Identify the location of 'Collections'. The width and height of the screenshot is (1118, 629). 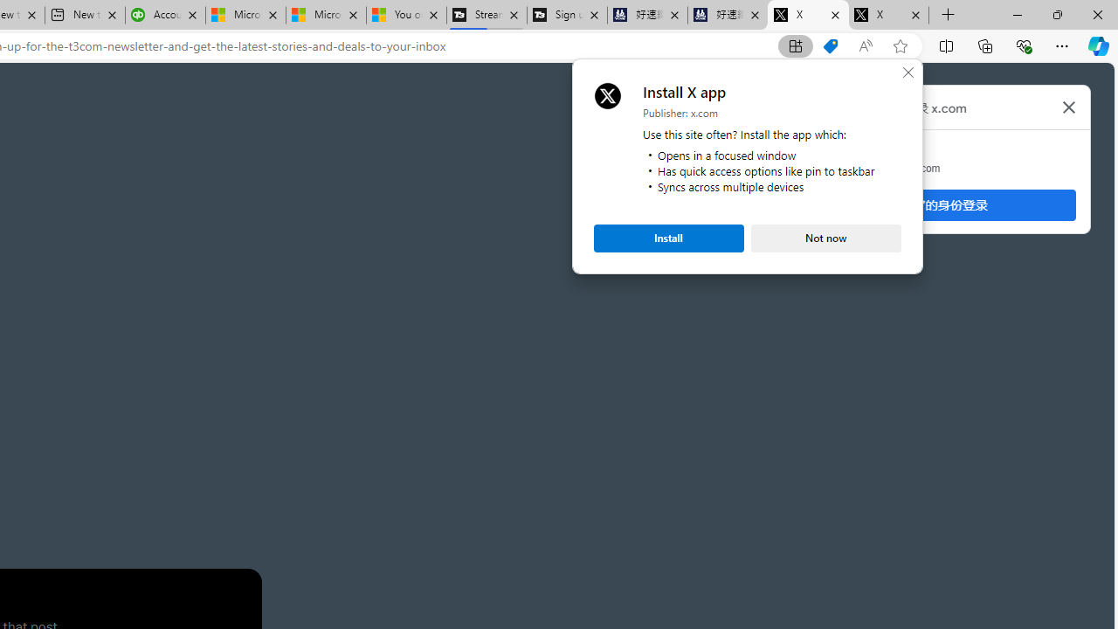
(985, 45).